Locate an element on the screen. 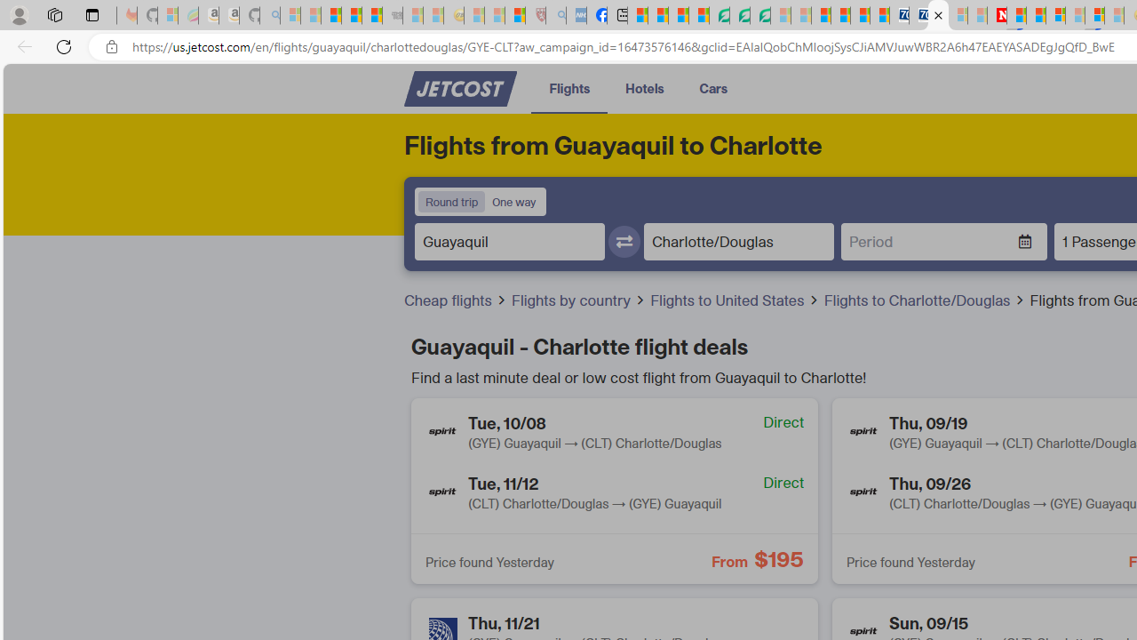 The height and width of the screenshot is (640, 1137). 'Cheap Hotels - Save70.com' is located at coordinates (918, 15).